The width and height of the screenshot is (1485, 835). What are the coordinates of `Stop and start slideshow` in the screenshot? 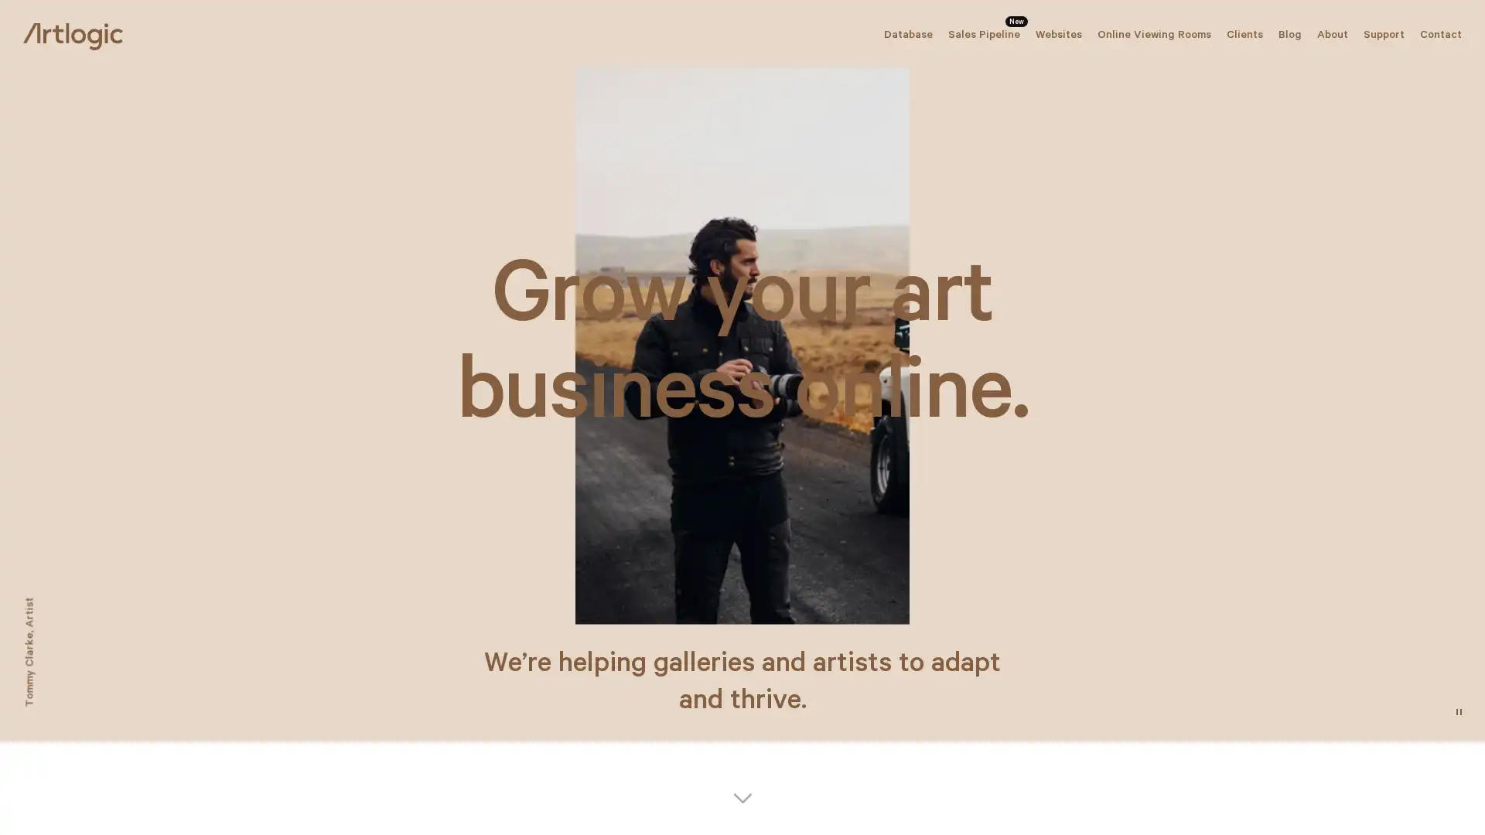 It's located at (1458, 712).